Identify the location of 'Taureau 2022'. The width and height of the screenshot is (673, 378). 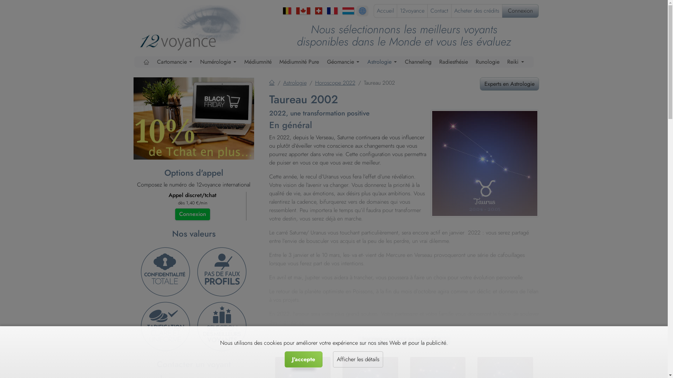
(484, 163).